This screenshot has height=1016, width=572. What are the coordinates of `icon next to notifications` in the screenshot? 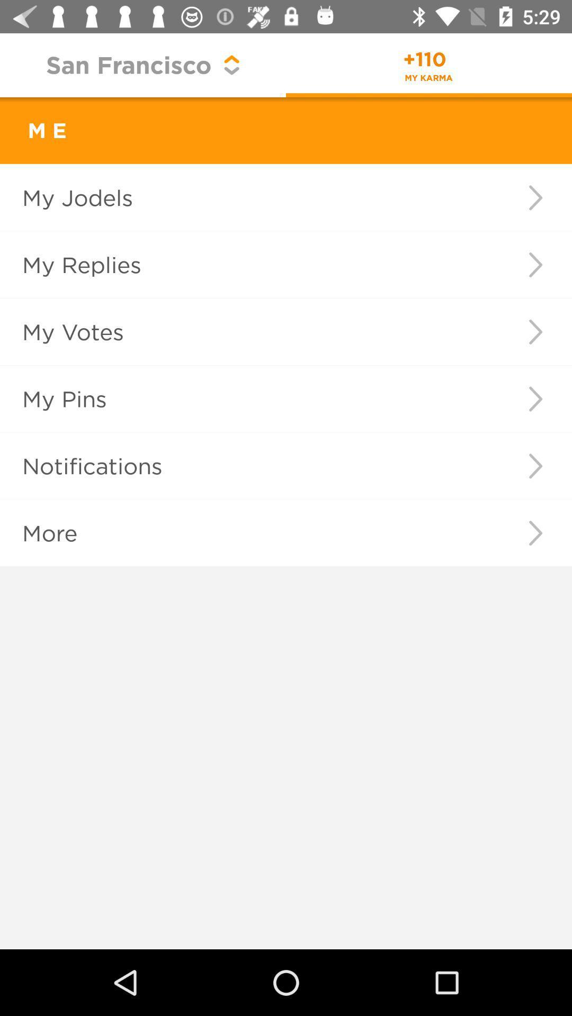 It's located at (535, 466).